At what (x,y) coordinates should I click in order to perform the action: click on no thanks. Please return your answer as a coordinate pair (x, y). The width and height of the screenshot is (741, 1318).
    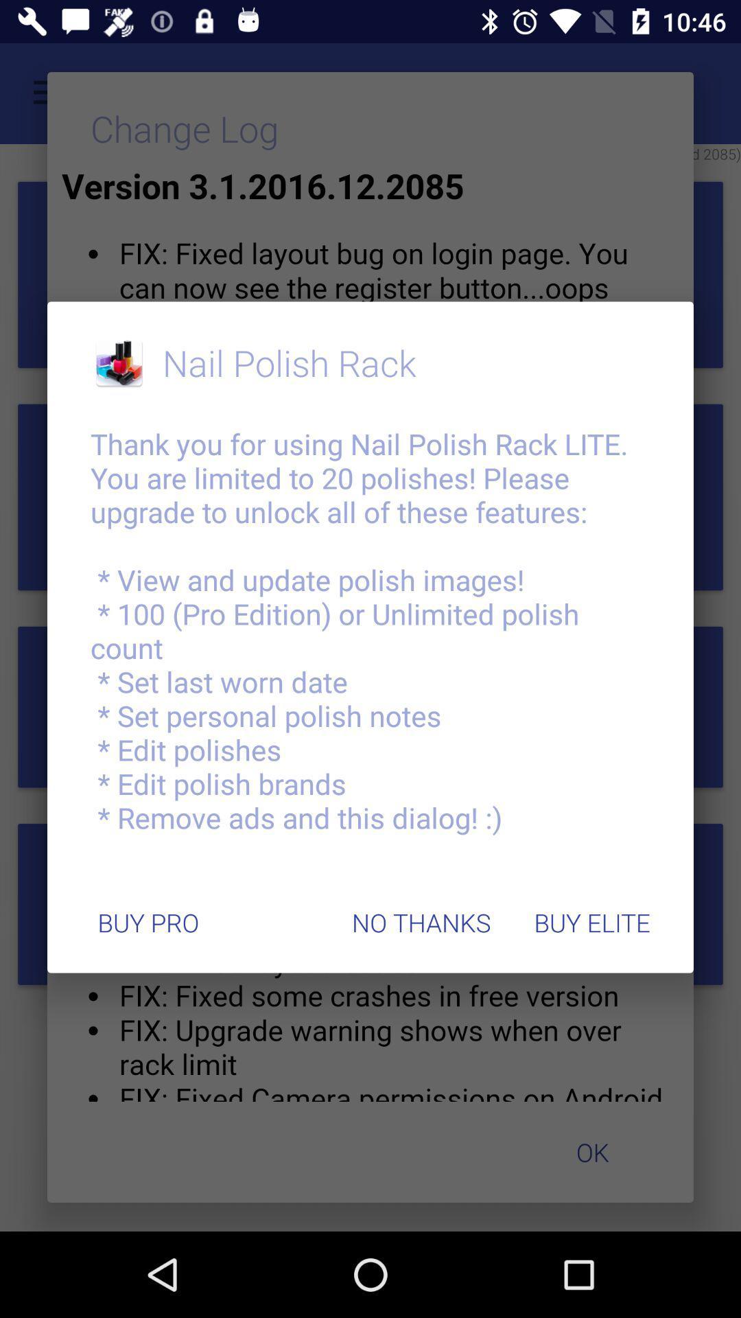
    Looking at the image, I should click on (421, 923).